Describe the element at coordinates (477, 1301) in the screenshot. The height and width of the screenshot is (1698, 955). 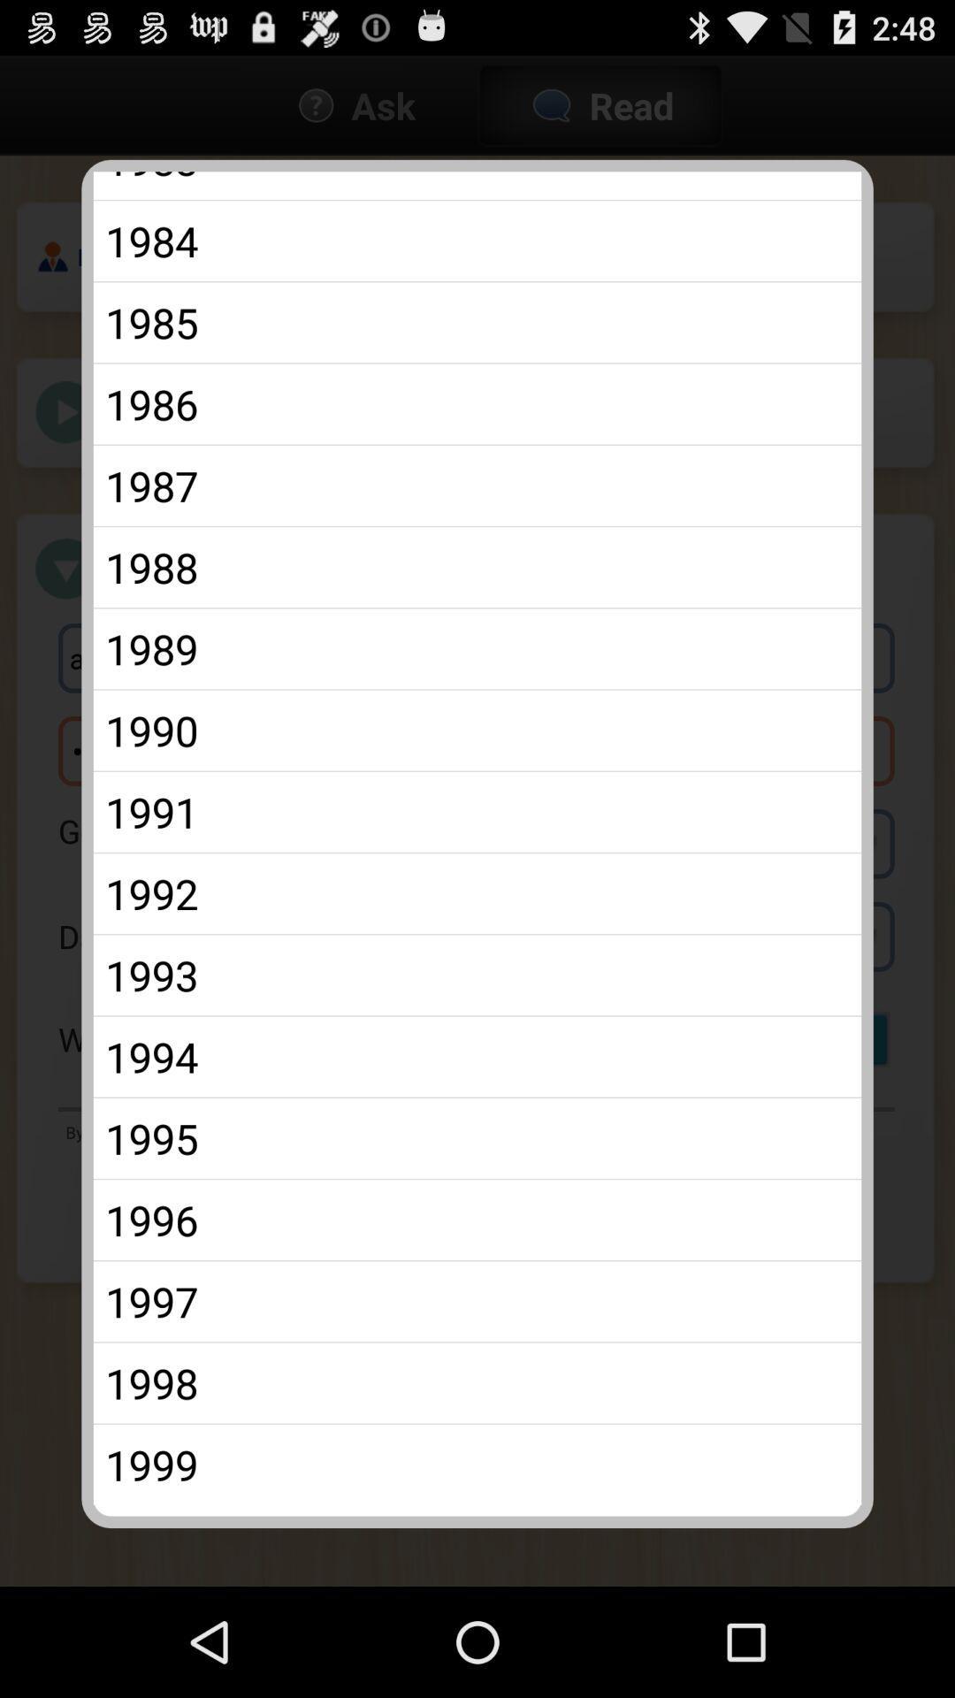
I see `item below the 1996` at that location.